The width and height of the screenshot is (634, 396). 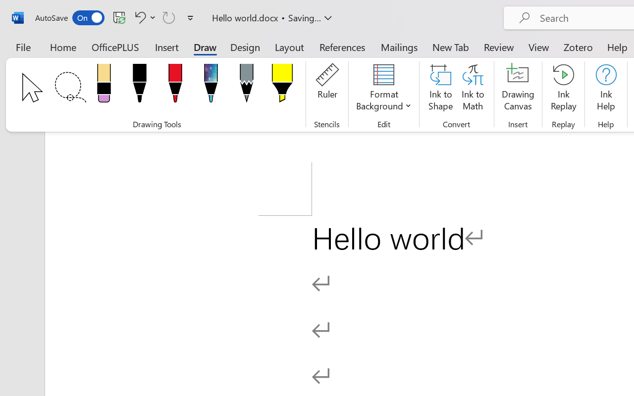 What do you see at coordinates (138, 17) in the screenshot?
I see `'Undo Click and Type Formatting'` at bounding box center [138, 17].